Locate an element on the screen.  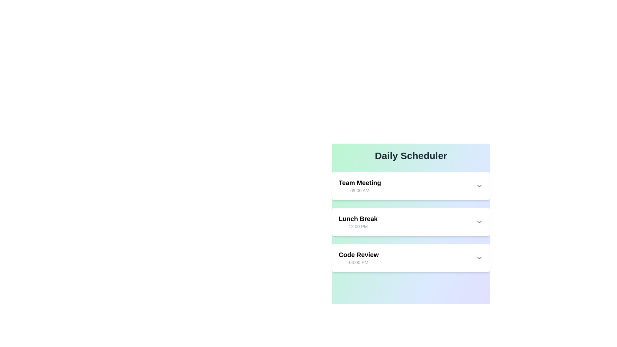
the 'Lunch Break' scheduled event list item is located at coordinates (410, 221).